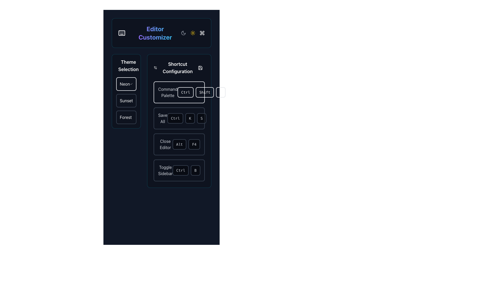 The width and height of the screenshot is (499, 281). Describe the element at coordinates (202, 33) in the screenshot. I see `the graphical icon resembling a command symbol, which is styled in cyan and has a clover-like appearance, positioned in the top right corner of the UI` at that location.